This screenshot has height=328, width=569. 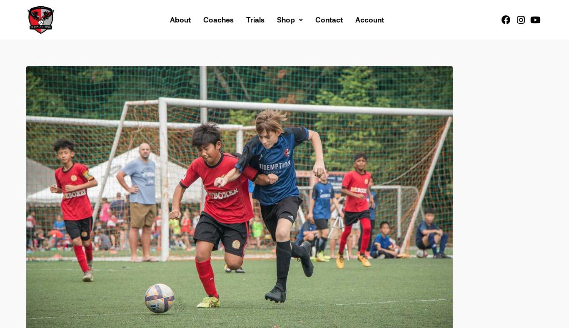 I want to click on 'Account', so click(x=369, y=19).